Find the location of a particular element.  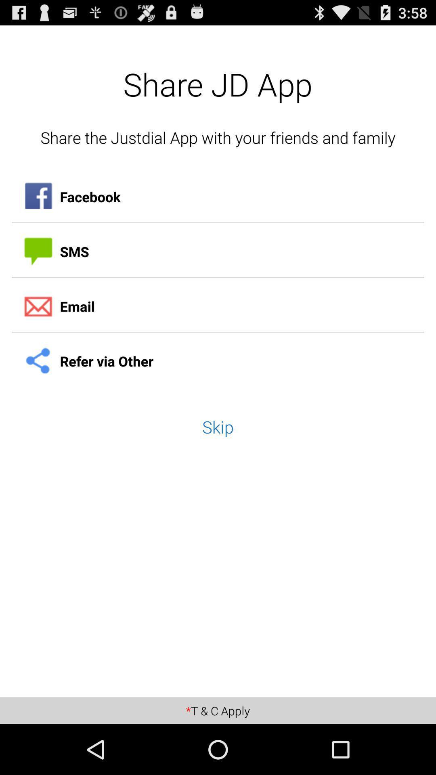

app below the share the justdial item is located at coordinates (218, 197).